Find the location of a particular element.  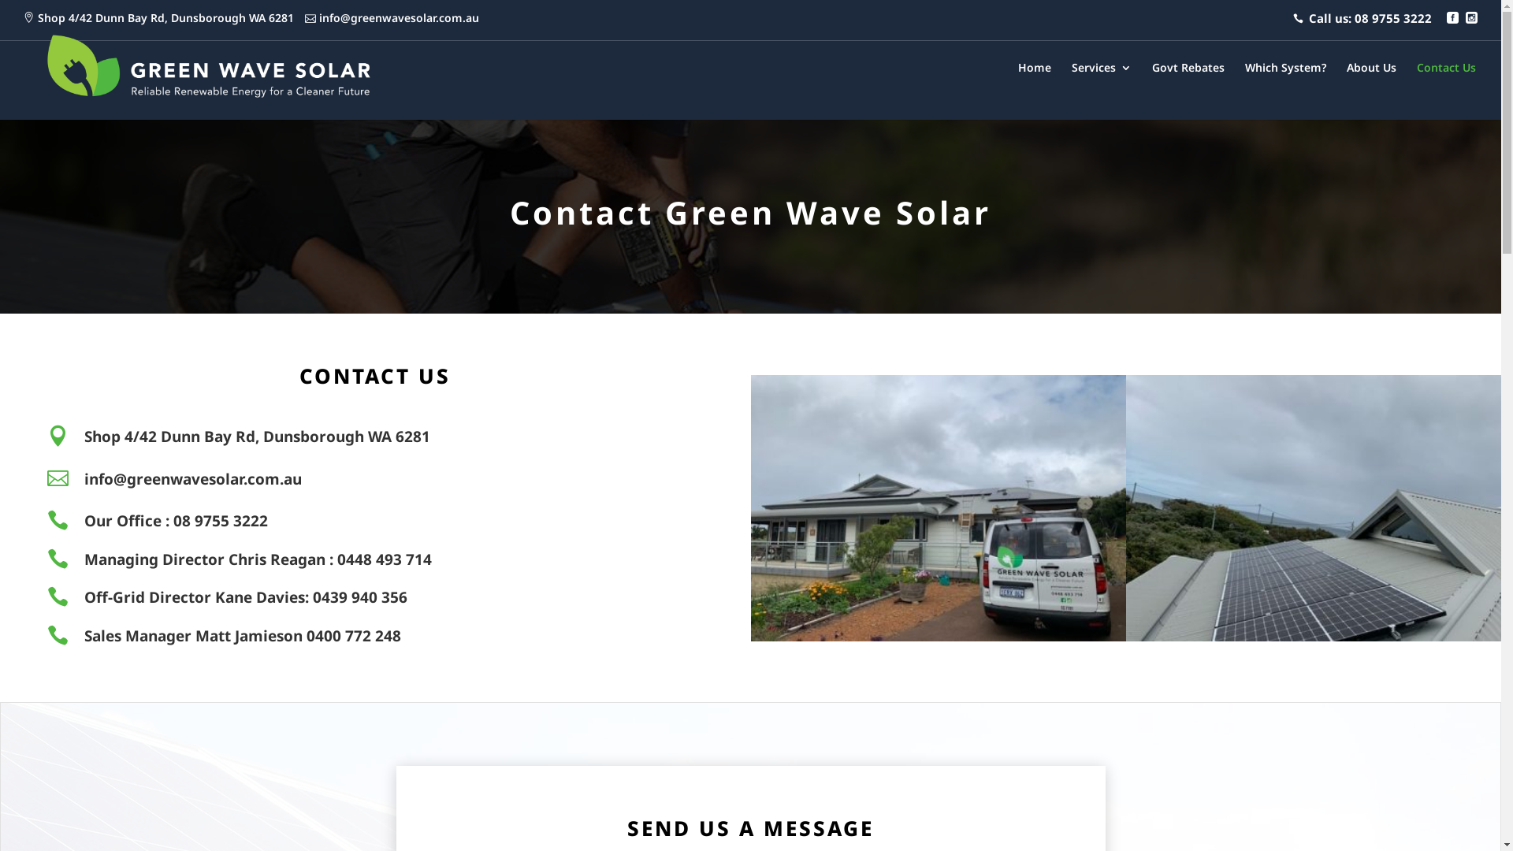

'About Us' is located at coordinates (1345, 89).